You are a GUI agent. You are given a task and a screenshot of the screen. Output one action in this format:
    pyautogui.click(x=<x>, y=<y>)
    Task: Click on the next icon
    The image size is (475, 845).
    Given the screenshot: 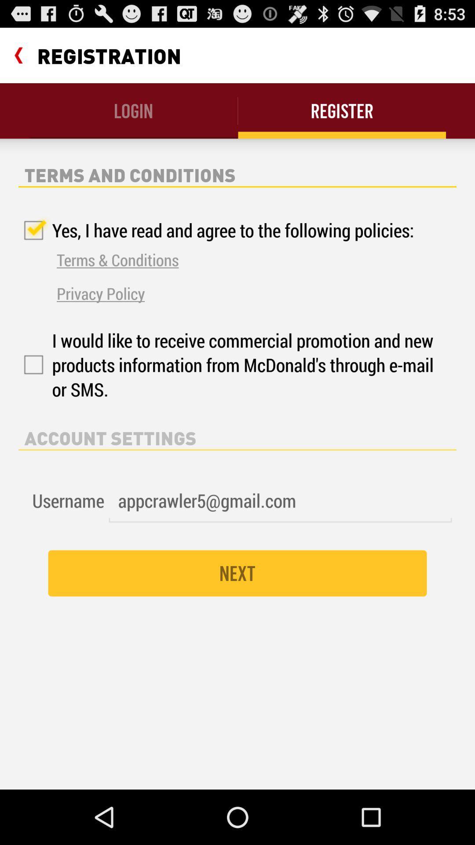 What is the action you would take?
    pyautogui.click(x=237, y=573)
    